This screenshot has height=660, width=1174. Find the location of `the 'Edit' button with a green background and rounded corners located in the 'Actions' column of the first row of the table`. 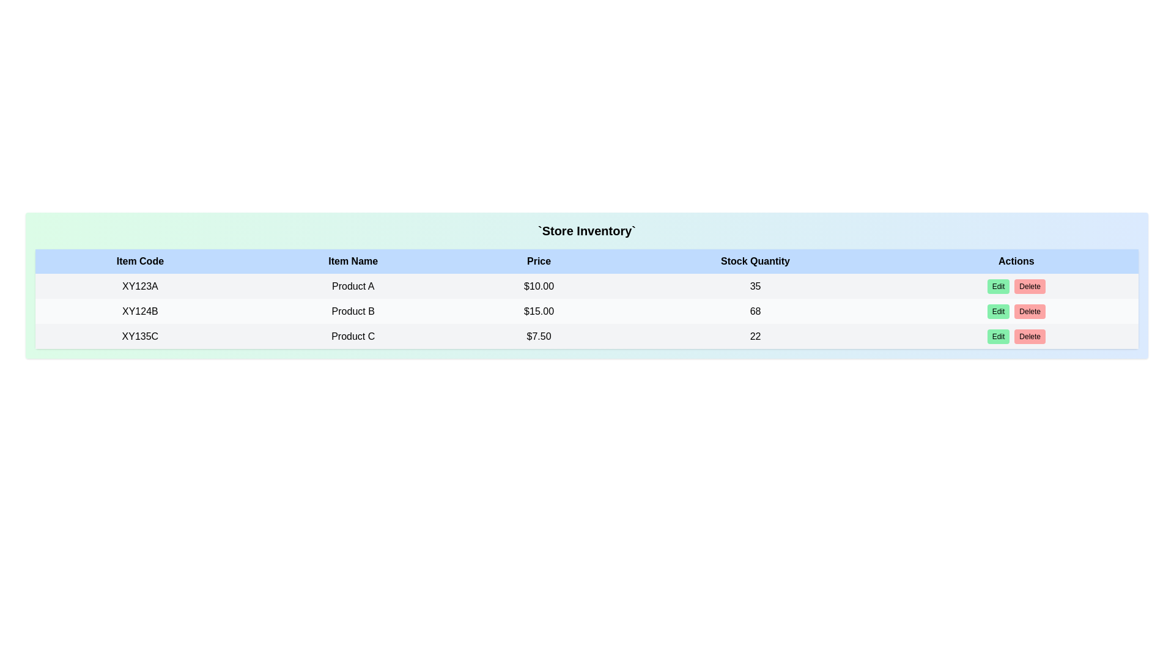

the 'Edit' button with a green background and rounded corners located in the 'Actions' column of the first row of the table is located at coordinates (998, 287).